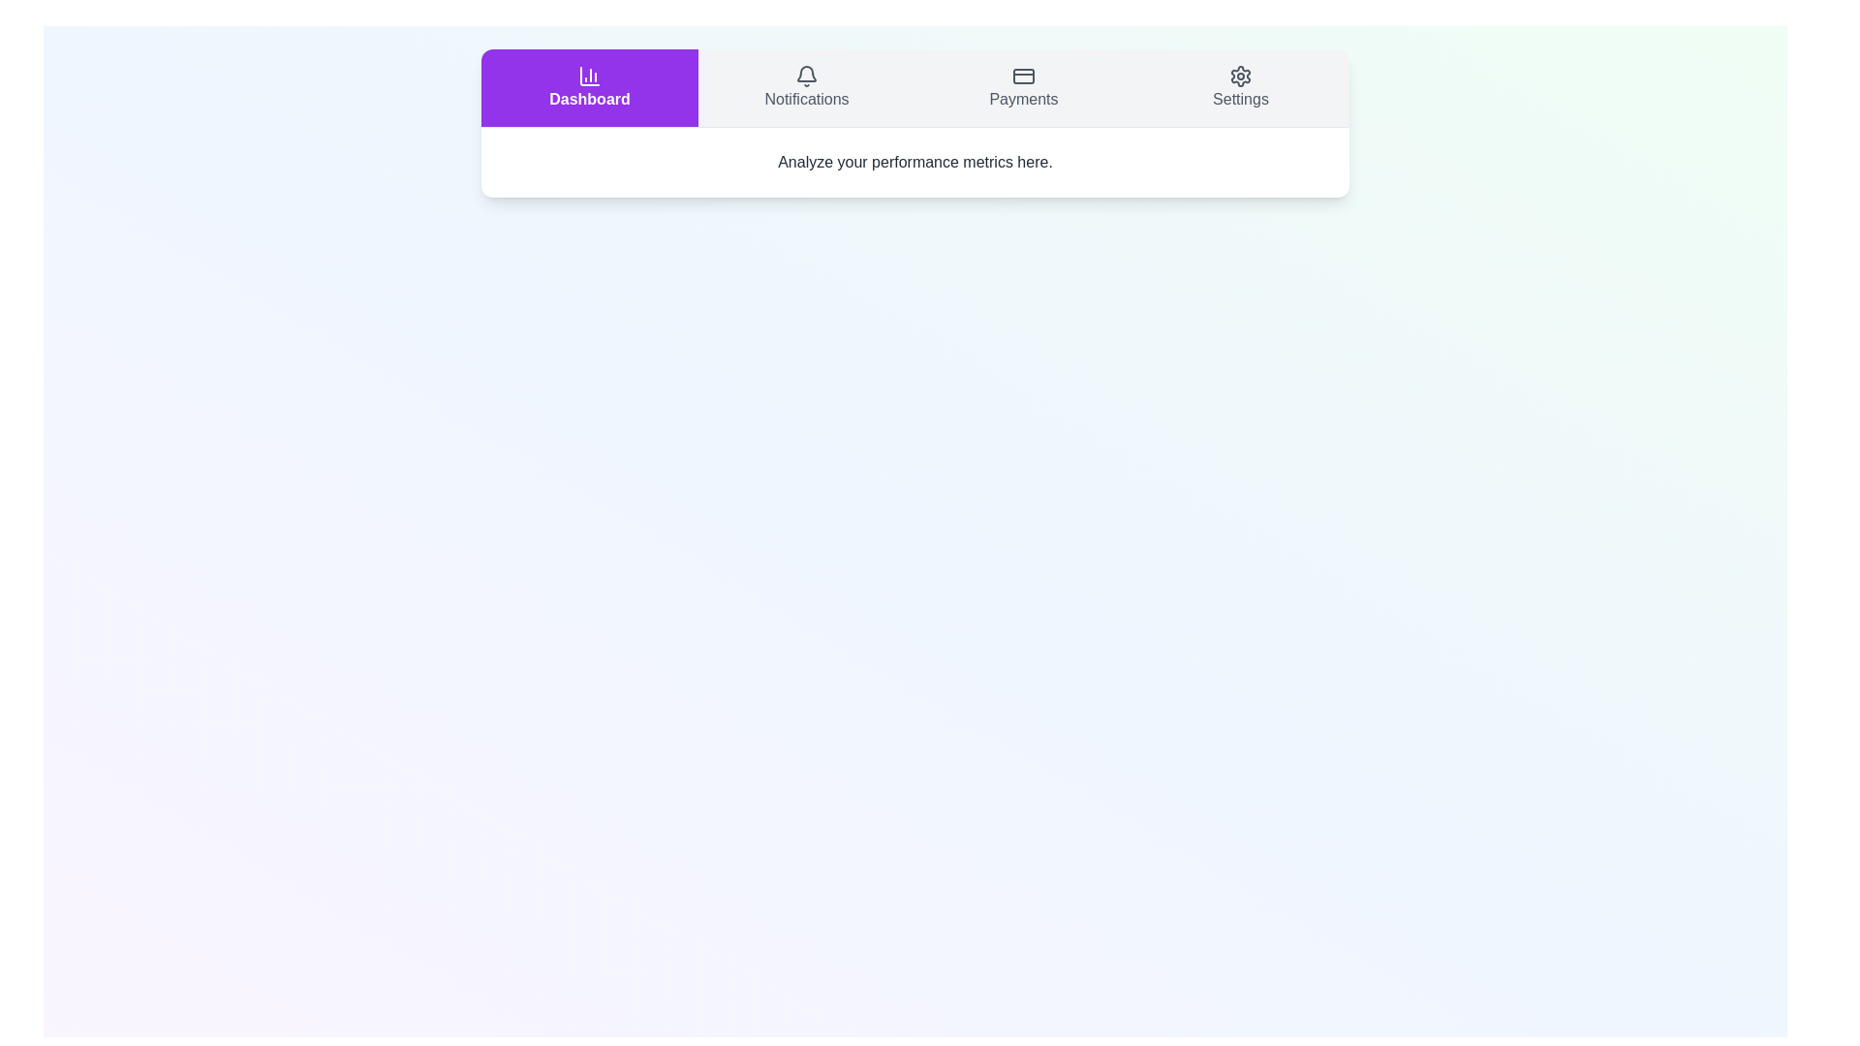 The image size is (1860, 1046). Describe the element at coordinates (1022, 88) in the screenshot. I see `the Payments tab to select it` at that location.